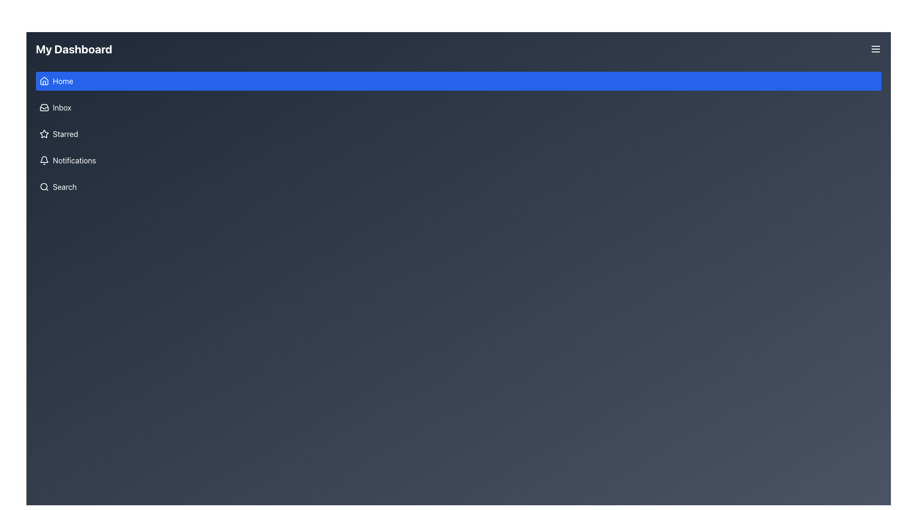  What do you see at coordinates (44, 107) in the screenshot?
I see `the 'Inbox' icon located in the vertical navigation menu, which is positioned below the 'Home' menu item and above the 'Starred' menu item` at bounding box center [44, 107].